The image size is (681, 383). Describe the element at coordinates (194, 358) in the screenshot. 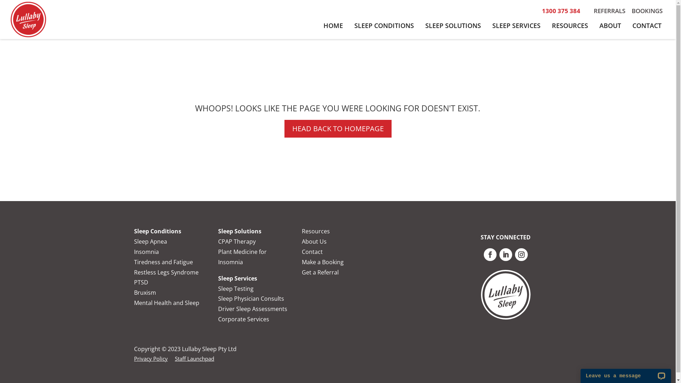

I see `'Staff Launchpad'` at that location.